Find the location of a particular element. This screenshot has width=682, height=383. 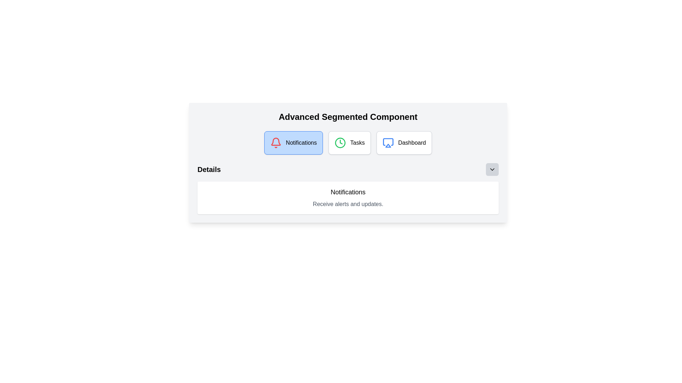

text content of the 'Dashboard' label, which is displayed in a medium font weight and positioned to the left of an icon within a rounded card-like structure is located at coordinates (412, 143).